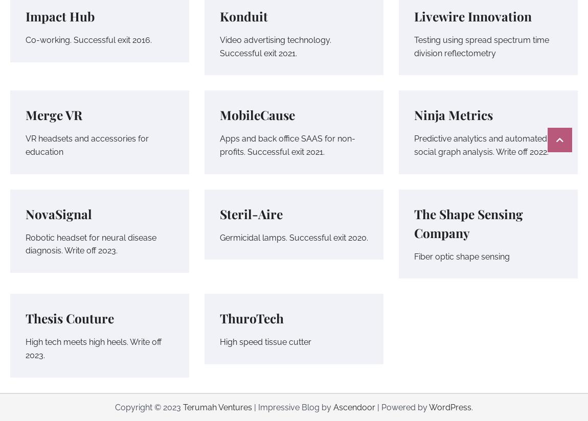  I want to click on 'Fiber optic shape sensing', so click(413, 255).